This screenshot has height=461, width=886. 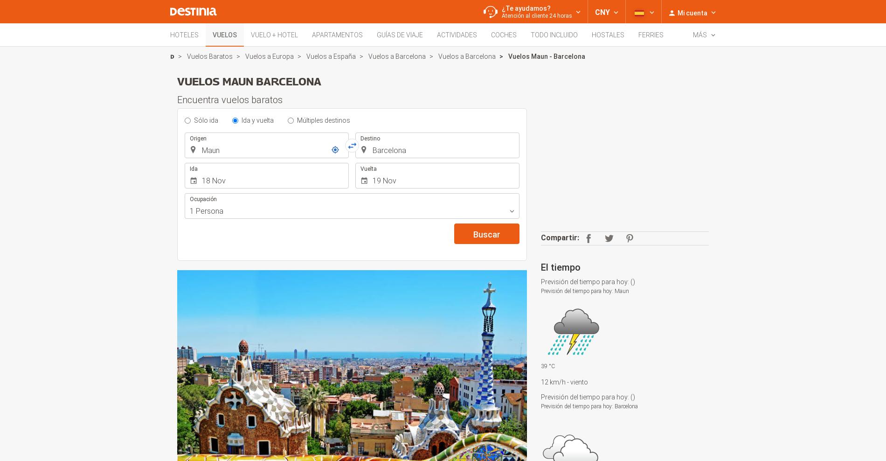 I want to click on 'Múltiples destinos', so click(x=324, y=119).